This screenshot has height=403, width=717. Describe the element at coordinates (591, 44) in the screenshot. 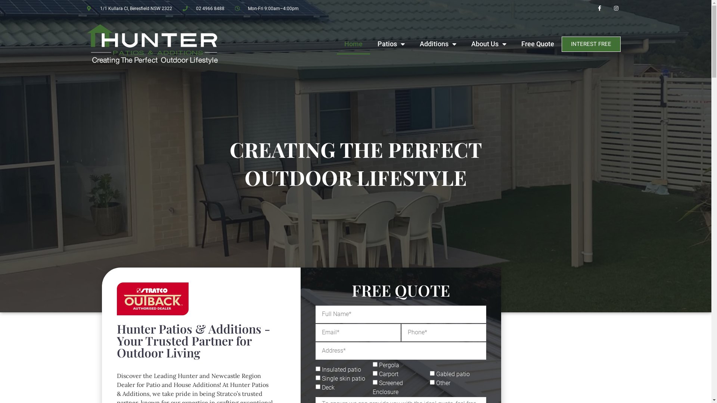

I see `'INTEREST FREE'` at that location.